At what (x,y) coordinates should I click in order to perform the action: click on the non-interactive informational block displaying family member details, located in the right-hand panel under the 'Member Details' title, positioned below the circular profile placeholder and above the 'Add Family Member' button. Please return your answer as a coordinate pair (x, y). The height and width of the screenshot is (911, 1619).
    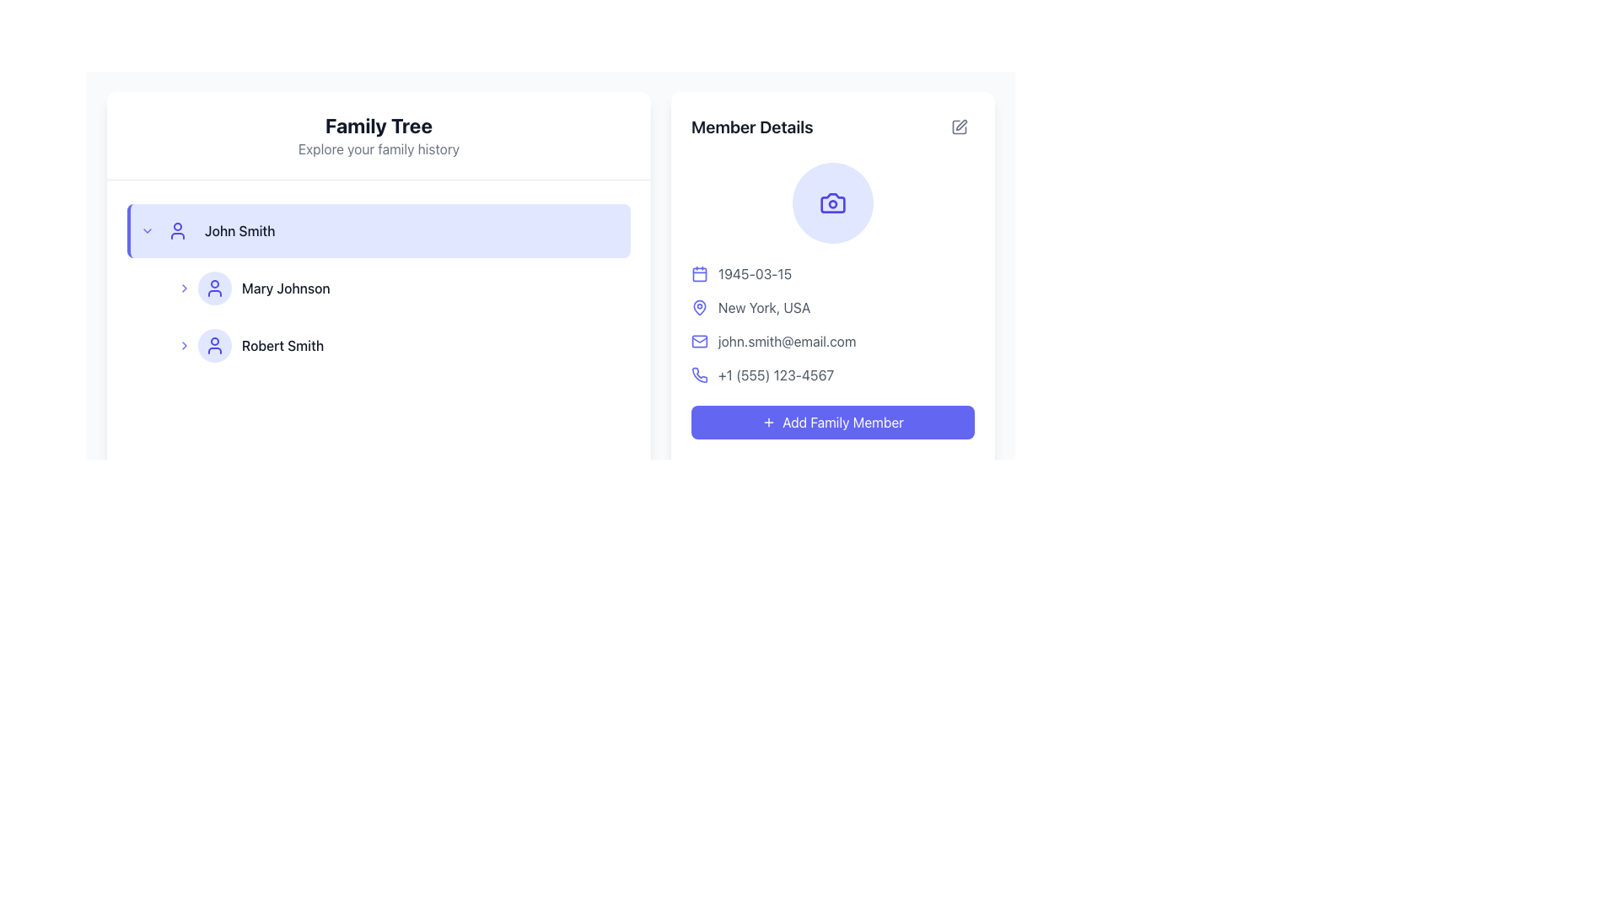
    Looking at the image, I should click on (833, 325).